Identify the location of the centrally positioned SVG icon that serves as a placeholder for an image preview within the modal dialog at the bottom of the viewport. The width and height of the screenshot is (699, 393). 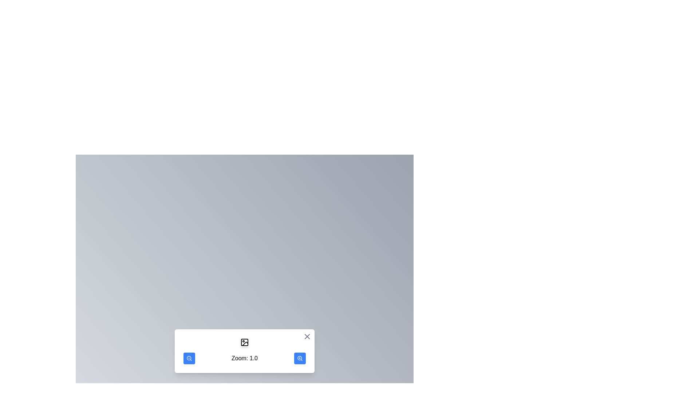
(245, 342).